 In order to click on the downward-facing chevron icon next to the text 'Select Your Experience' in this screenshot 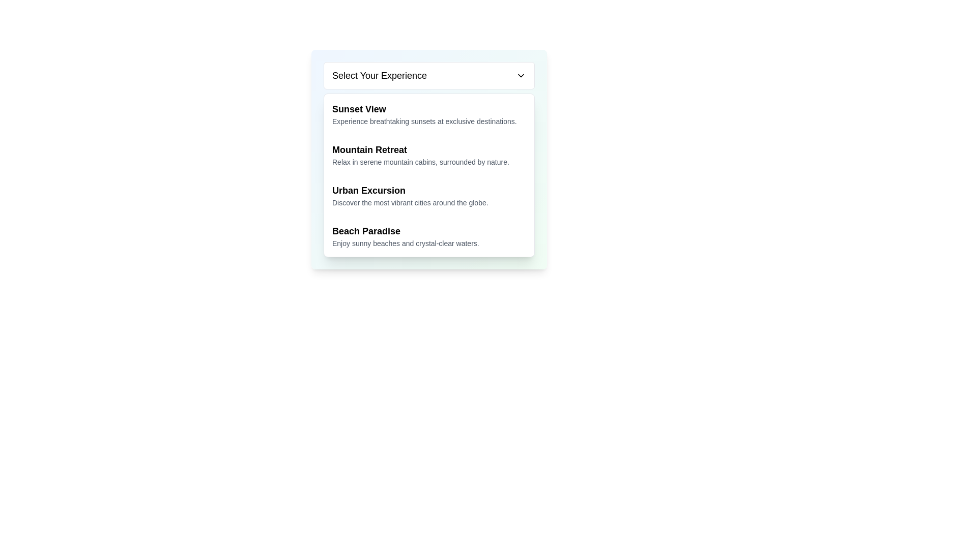, I will do `click(521, 75)`.